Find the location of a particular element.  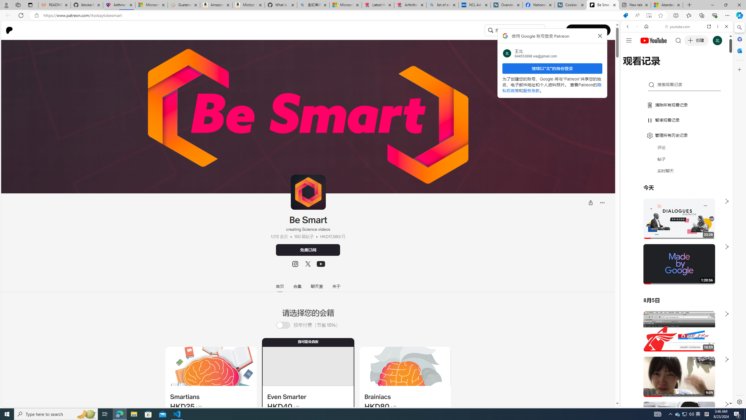

'you' is located at coordinates (674, 387).